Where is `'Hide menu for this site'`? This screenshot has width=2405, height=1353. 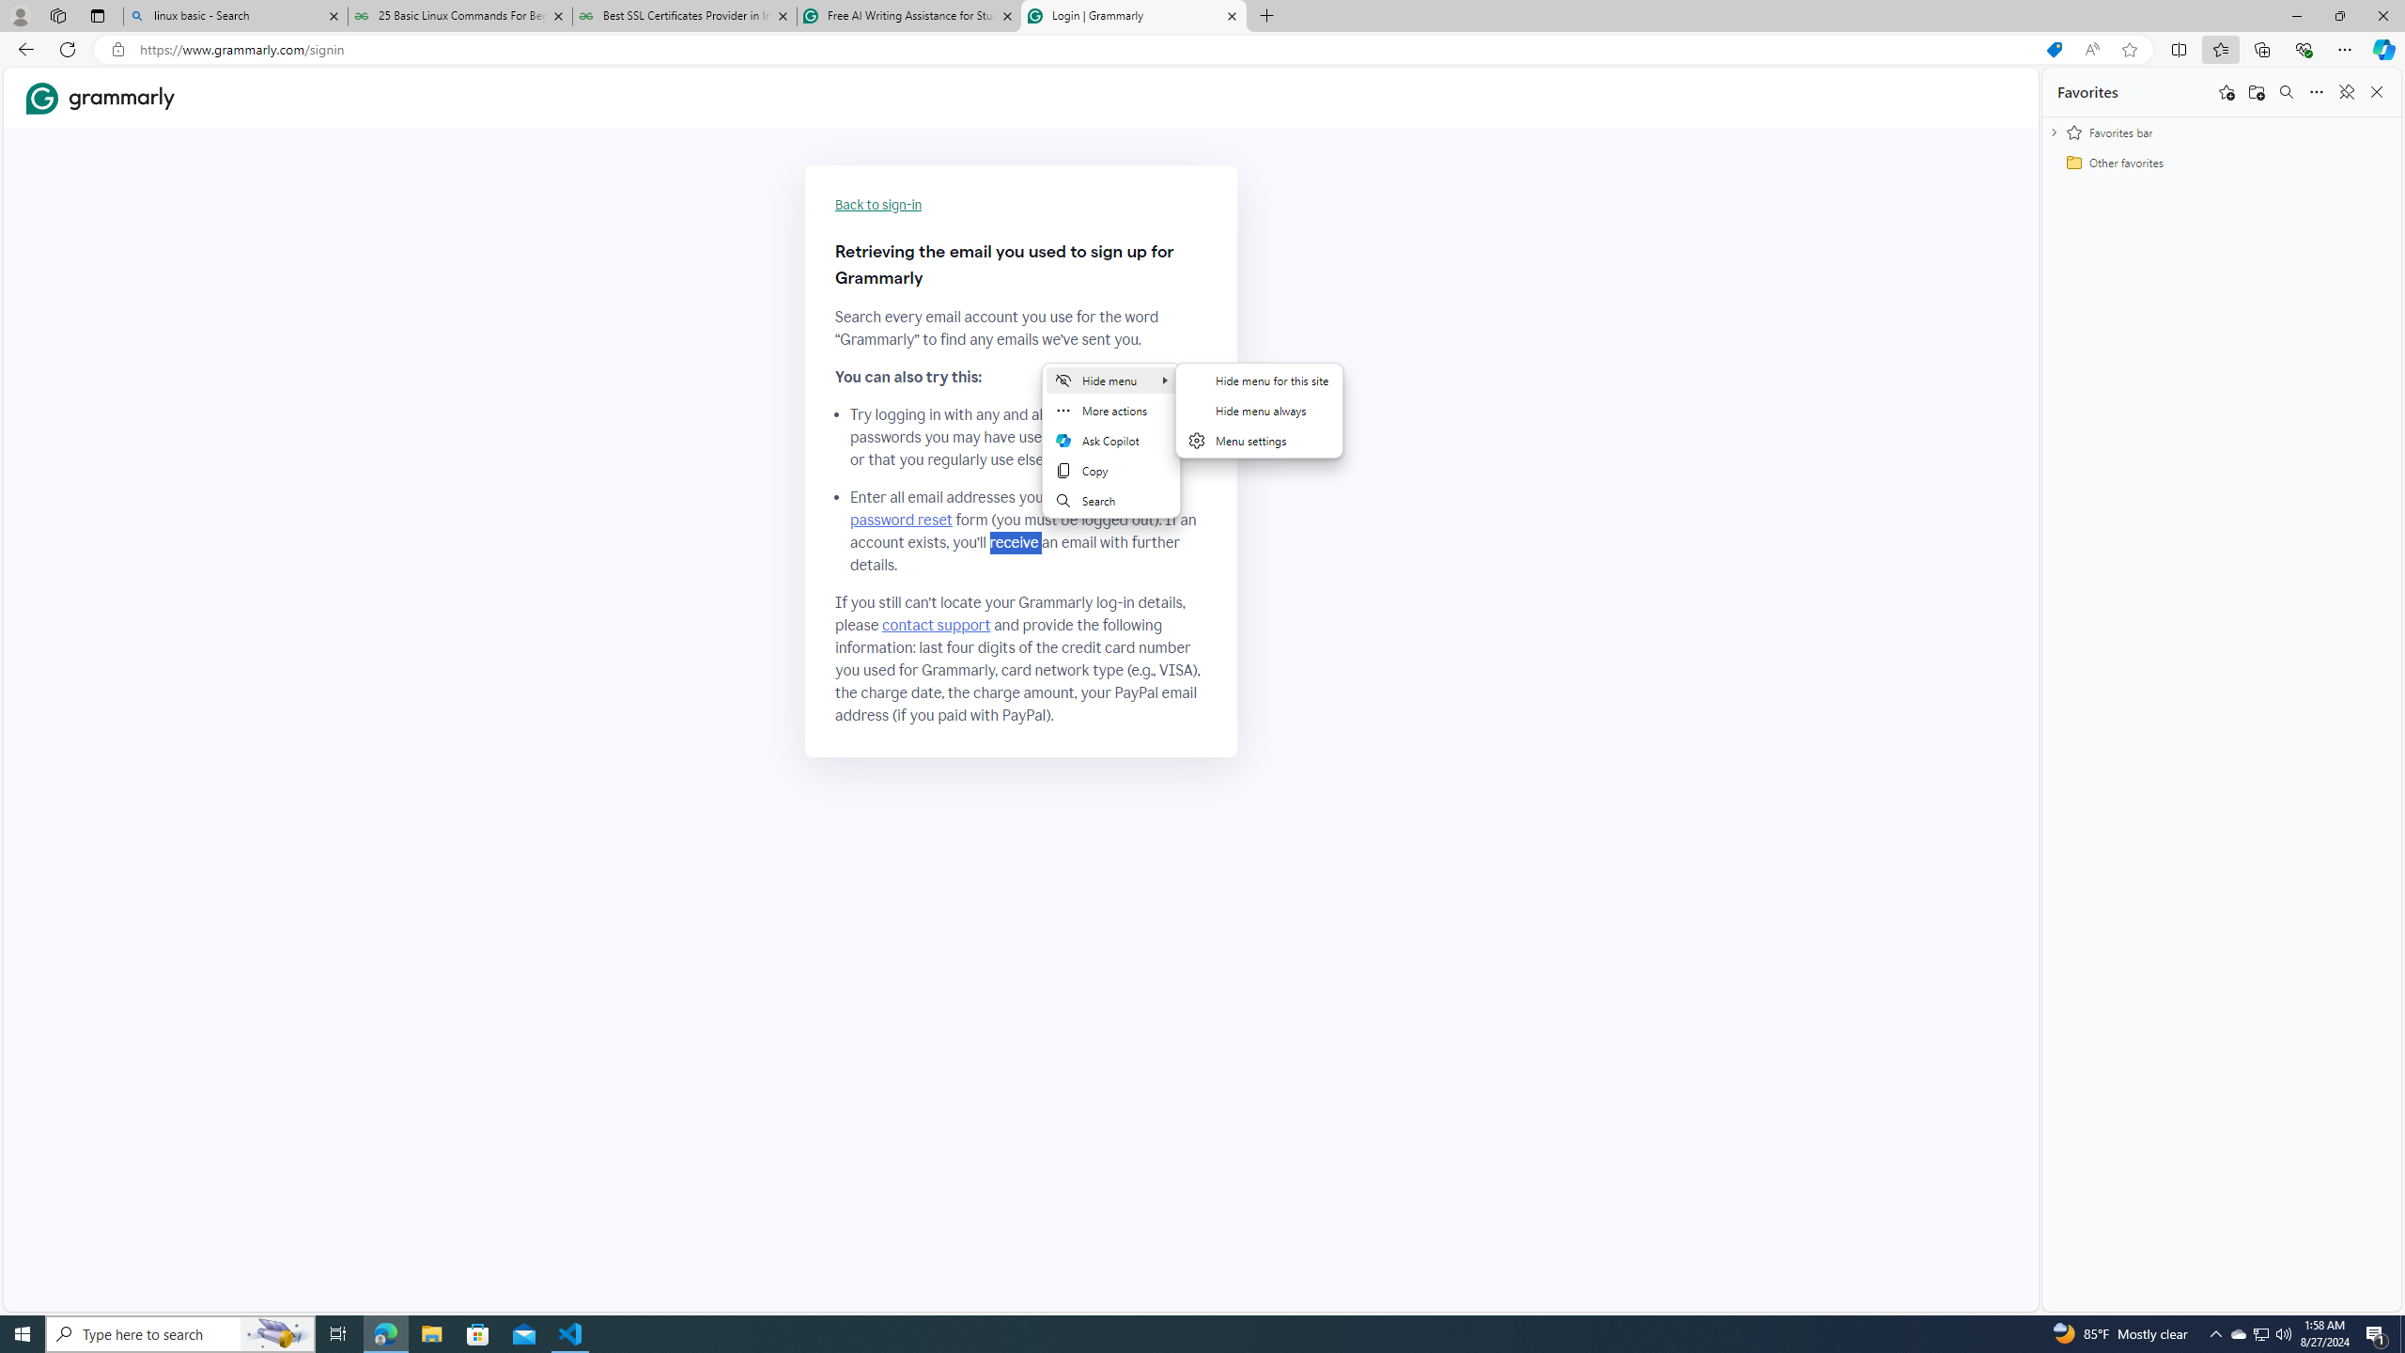 'Hide menu for this site' is located at coordinates (1259, 379).